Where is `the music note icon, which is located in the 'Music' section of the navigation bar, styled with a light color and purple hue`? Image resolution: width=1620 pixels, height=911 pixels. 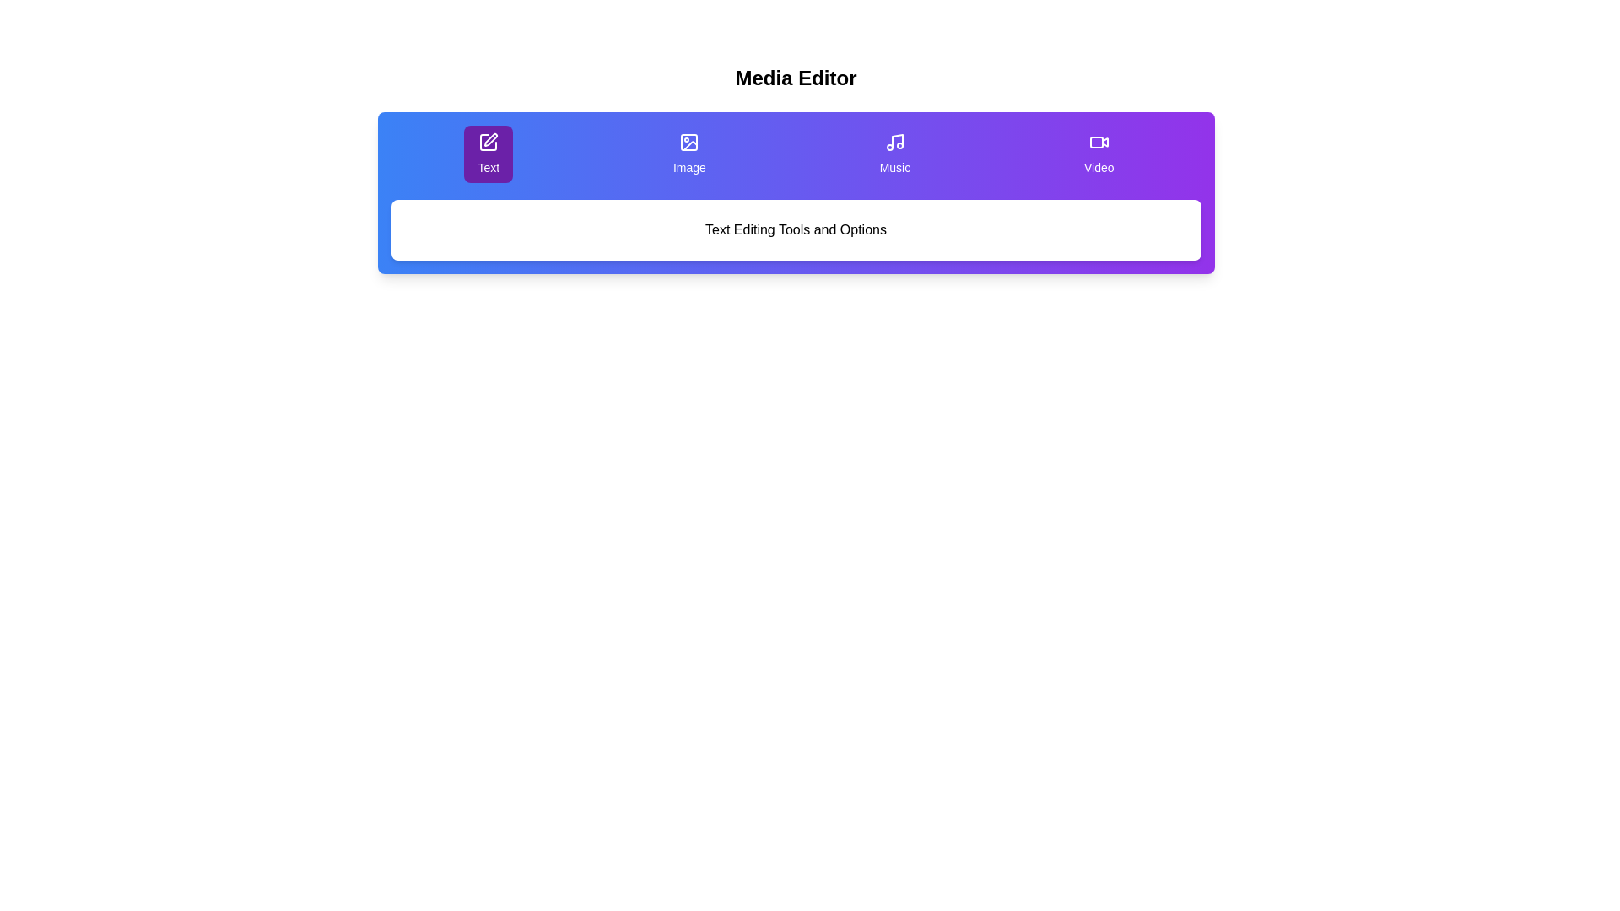 the music note icon, which is located in the 'Music' section of the navigation bar, styled with a light color and purple hue is located at coordinates (894, 142).